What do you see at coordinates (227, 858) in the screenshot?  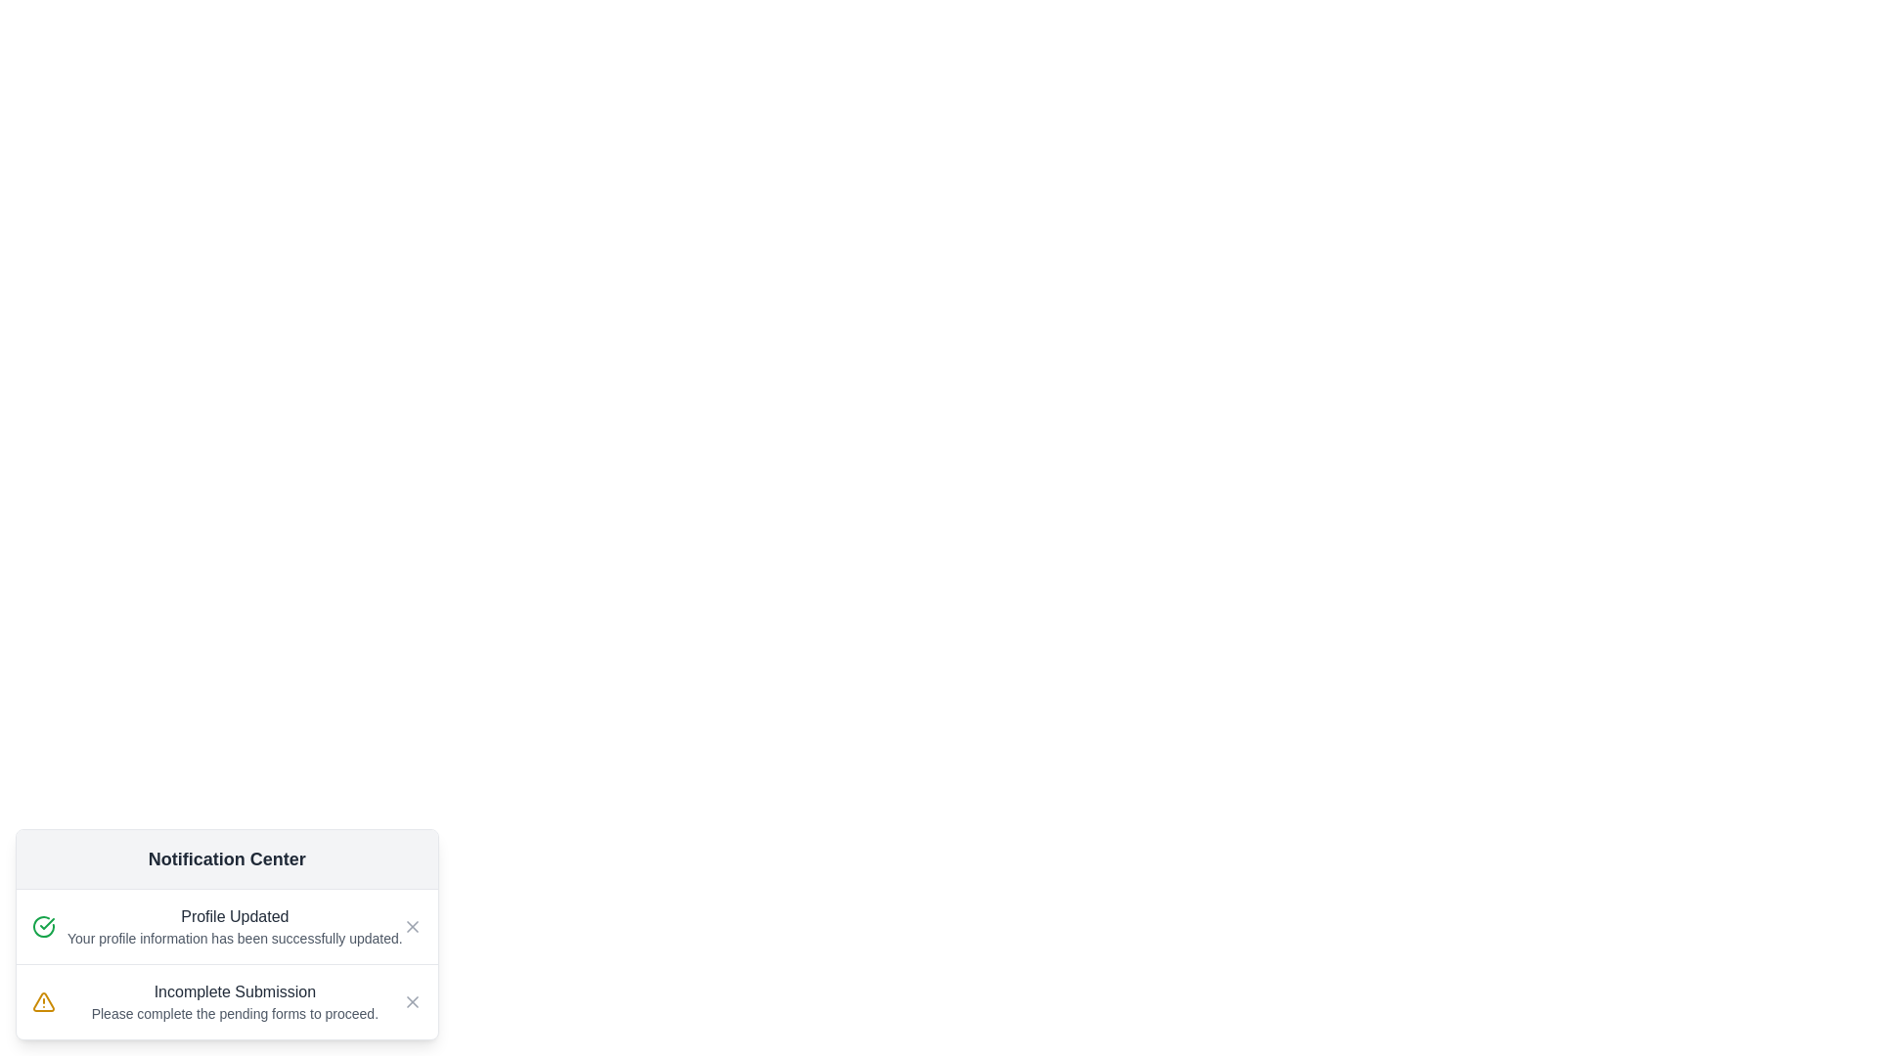 I see `the notification panel title label, which serves as a heading for the notifications displayed below` at bounding box center [227, 858].